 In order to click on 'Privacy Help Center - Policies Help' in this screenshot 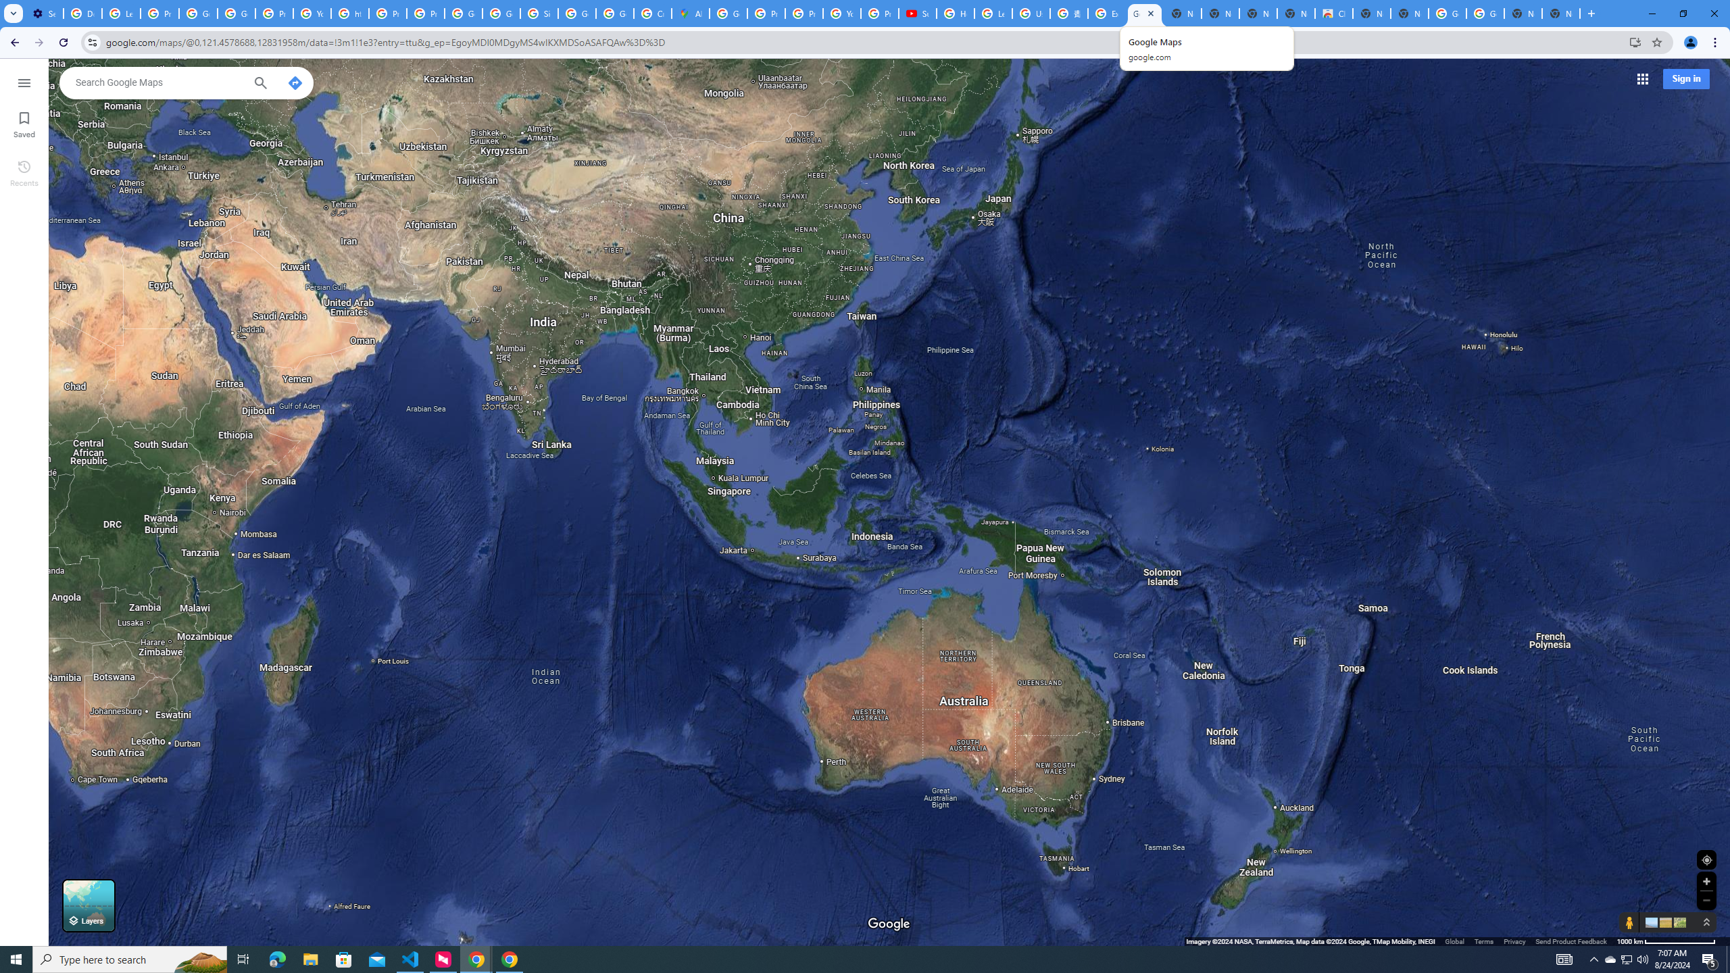, I will do `click(804, 13)`.